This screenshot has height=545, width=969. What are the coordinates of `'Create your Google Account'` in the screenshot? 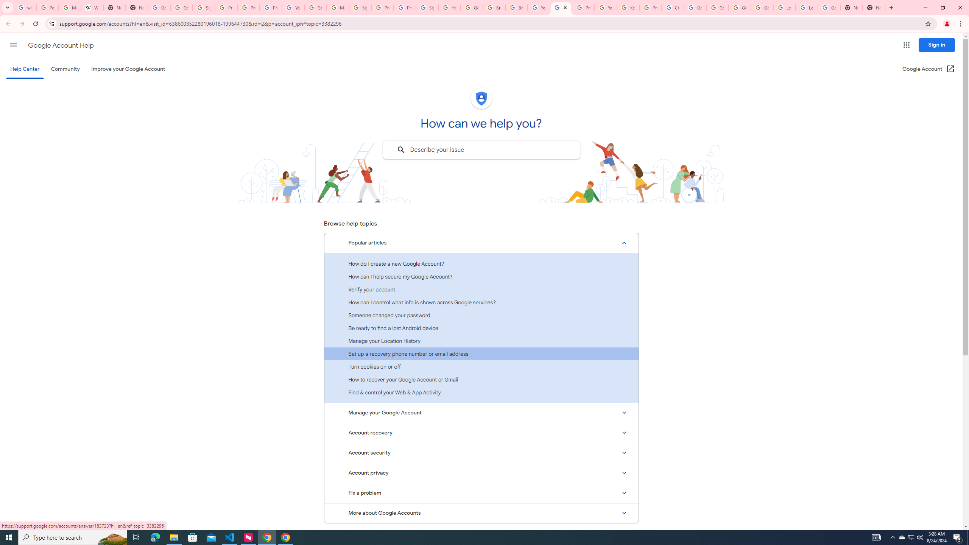 It's located at (672, 7).